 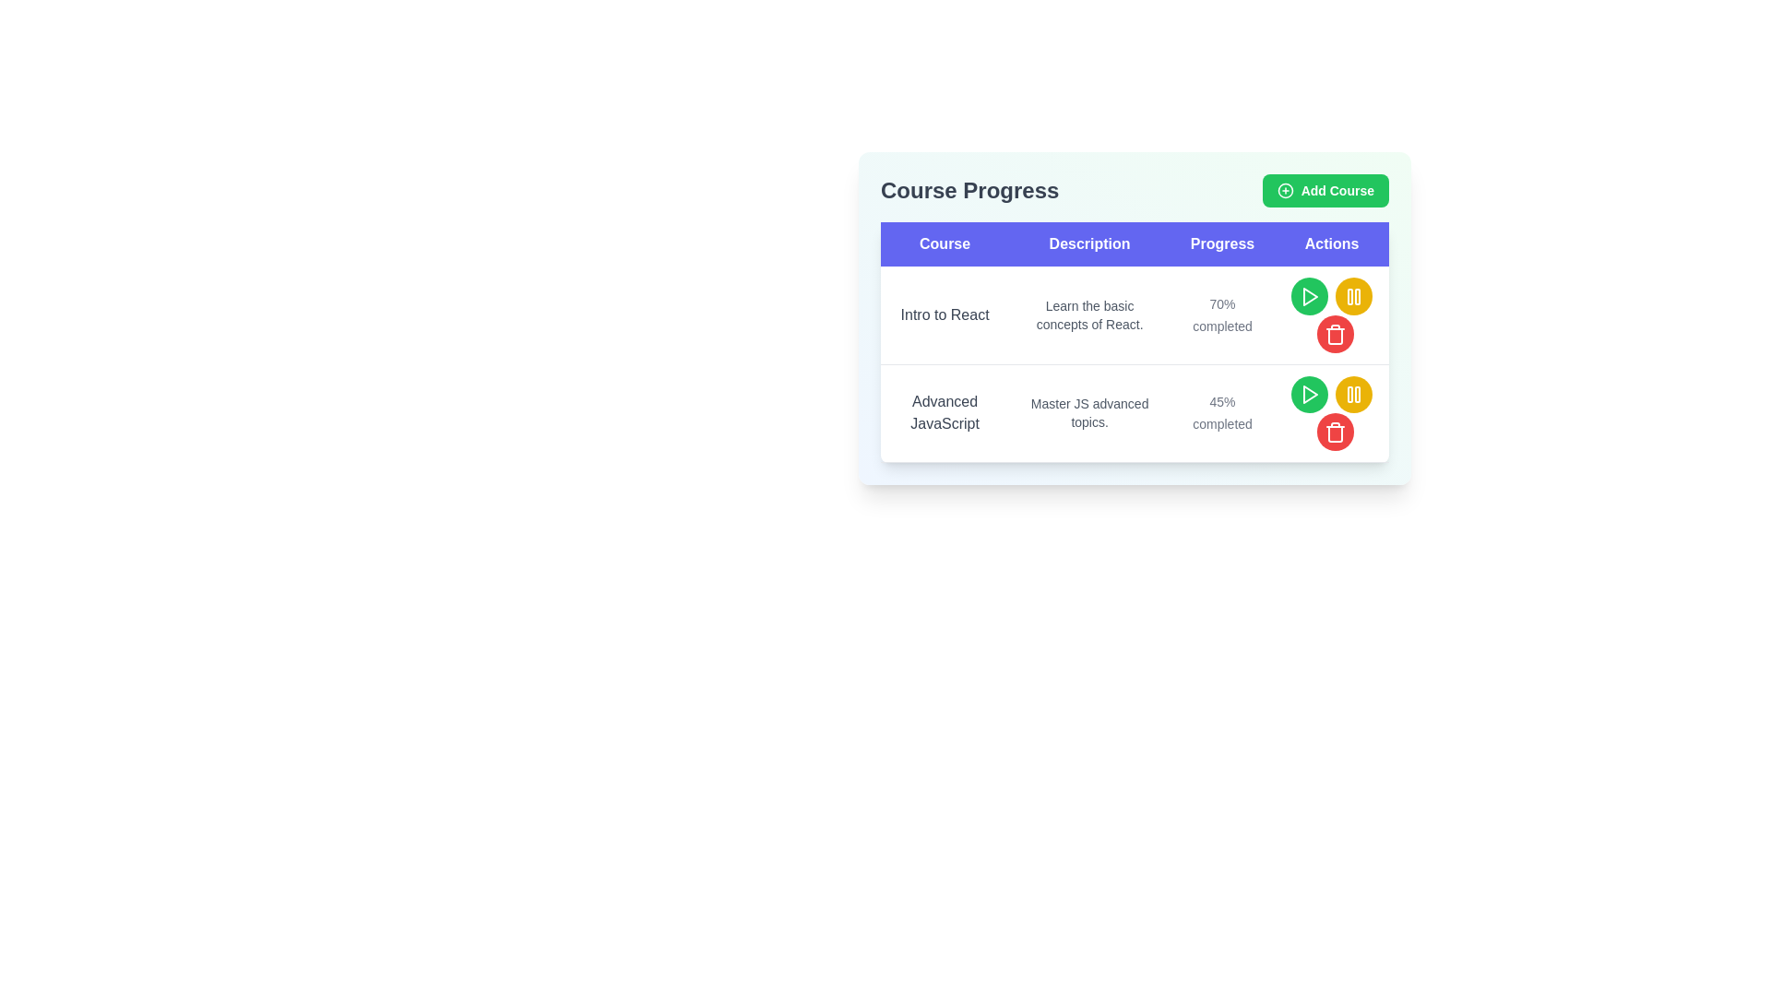 What do you see at coordinates (1089, 314) in the screenshot?
I see `the text label displaying 'Learn the basic concepts of React.' located in the description section of the table under the 'Description' column in the first row for the course 'Intro to React'` at bounding box center [1089, 314].